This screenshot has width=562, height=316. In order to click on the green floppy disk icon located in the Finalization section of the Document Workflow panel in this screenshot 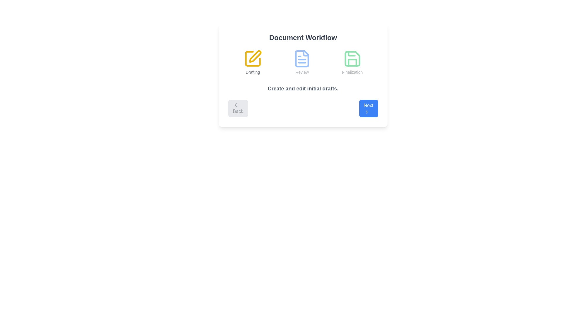, I will do `click(352, 59)`.